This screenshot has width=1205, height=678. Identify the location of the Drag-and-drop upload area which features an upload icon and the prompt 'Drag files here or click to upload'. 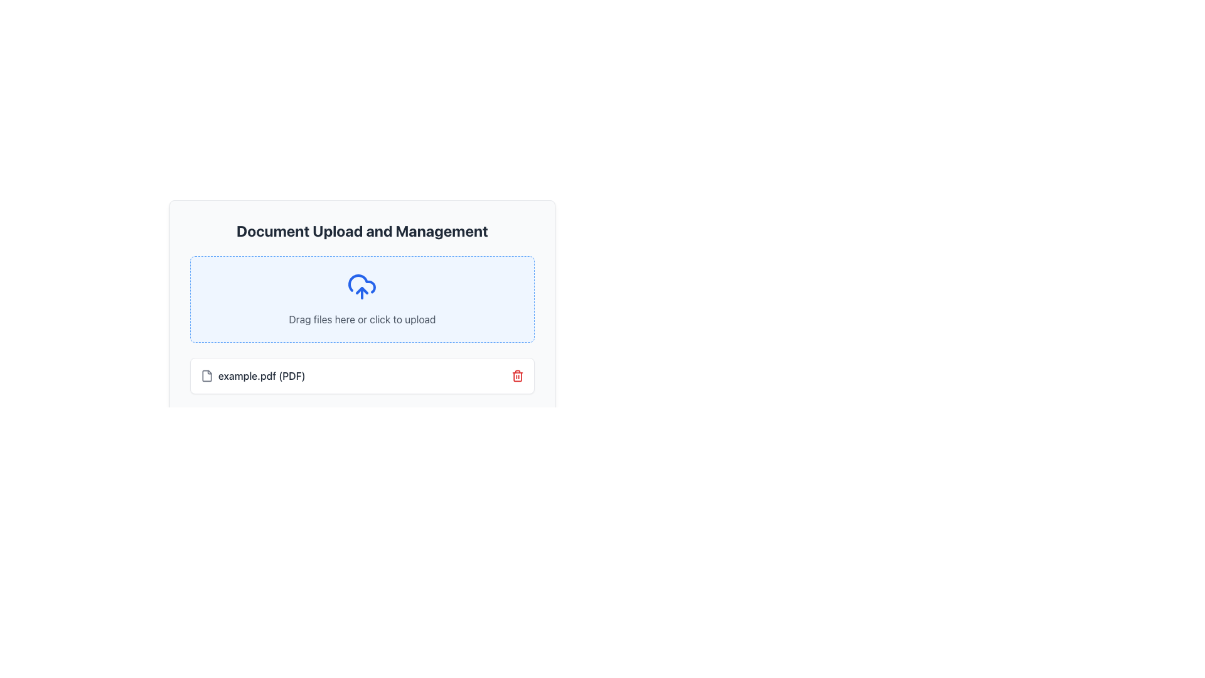
(361, 299).